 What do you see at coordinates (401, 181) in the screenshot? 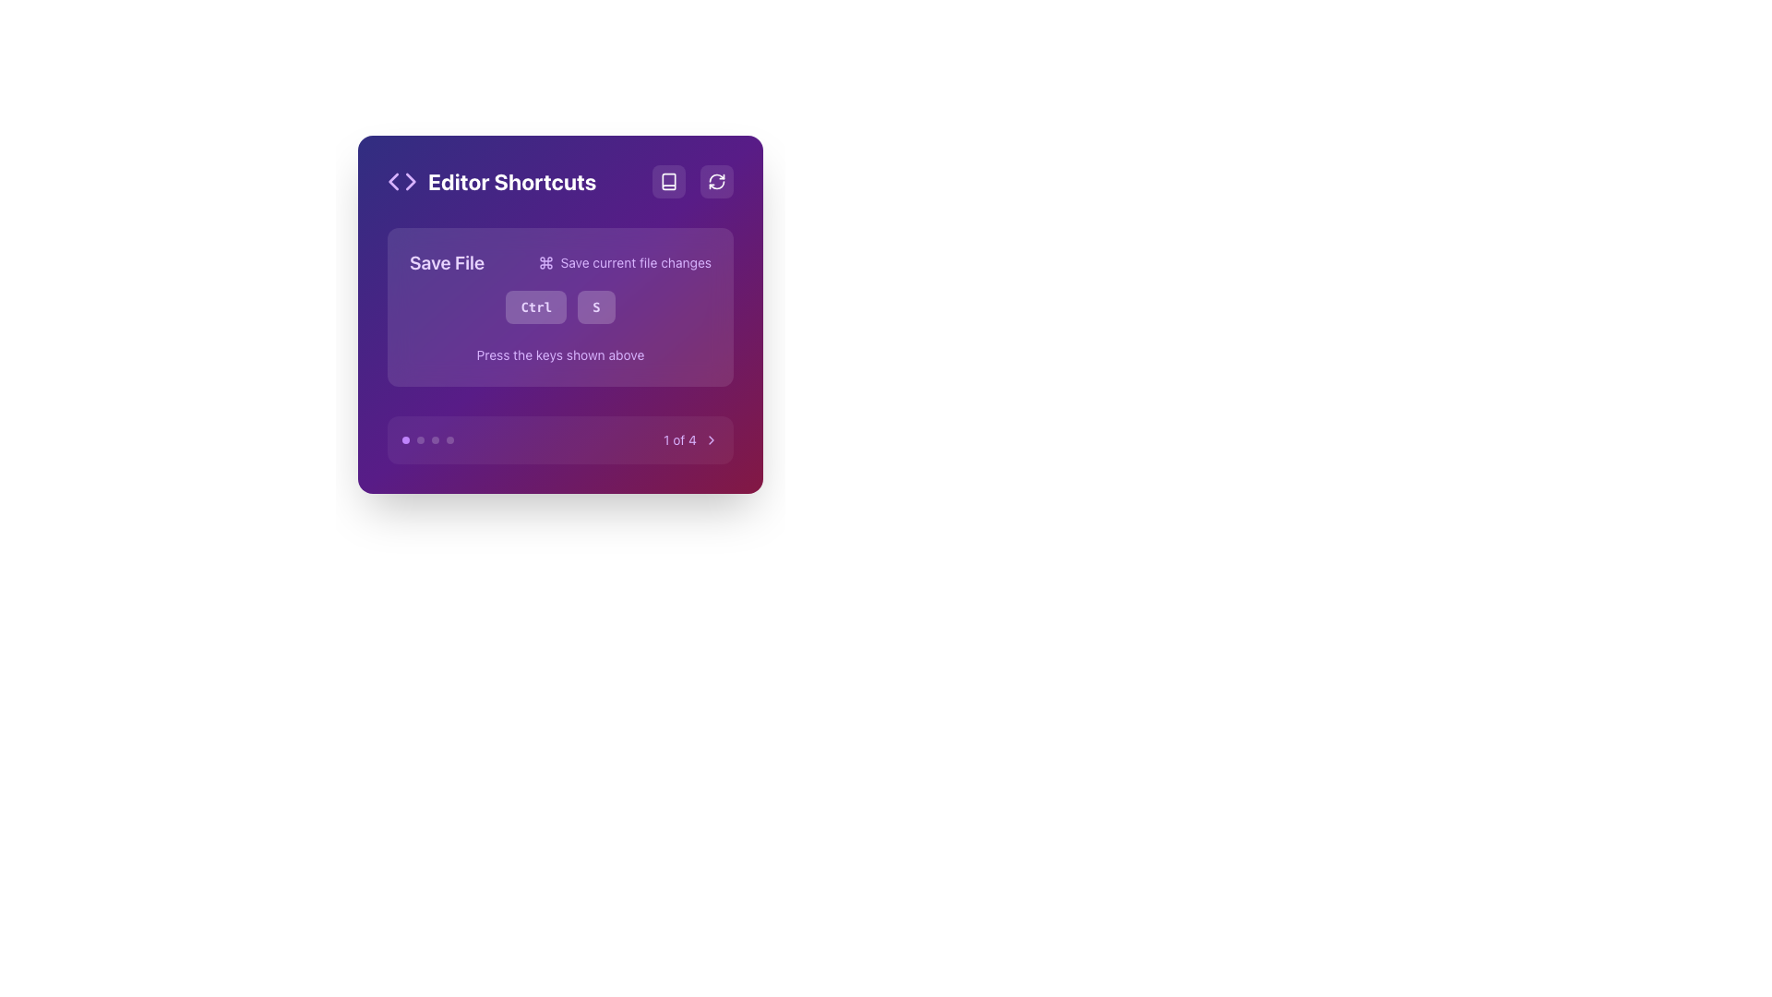
I see `the Decorative icon in the header section labeled 'Editor Shortcuts', which visually represents the coding or editing feature` at bounding box center [401, 181].